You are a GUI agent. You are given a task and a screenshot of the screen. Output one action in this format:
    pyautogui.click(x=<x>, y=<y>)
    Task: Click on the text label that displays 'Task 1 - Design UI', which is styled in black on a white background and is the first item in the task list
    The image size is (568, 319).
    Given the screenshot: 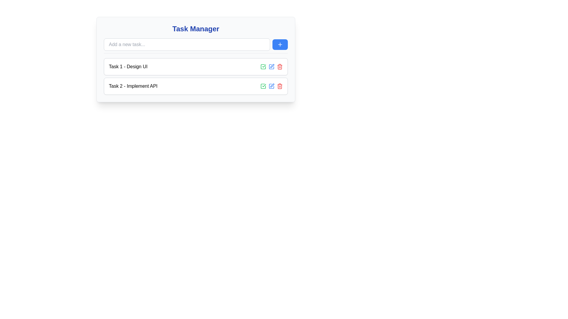 What is the action you would take?
    pyautogui.click(x=128, y=66)
    